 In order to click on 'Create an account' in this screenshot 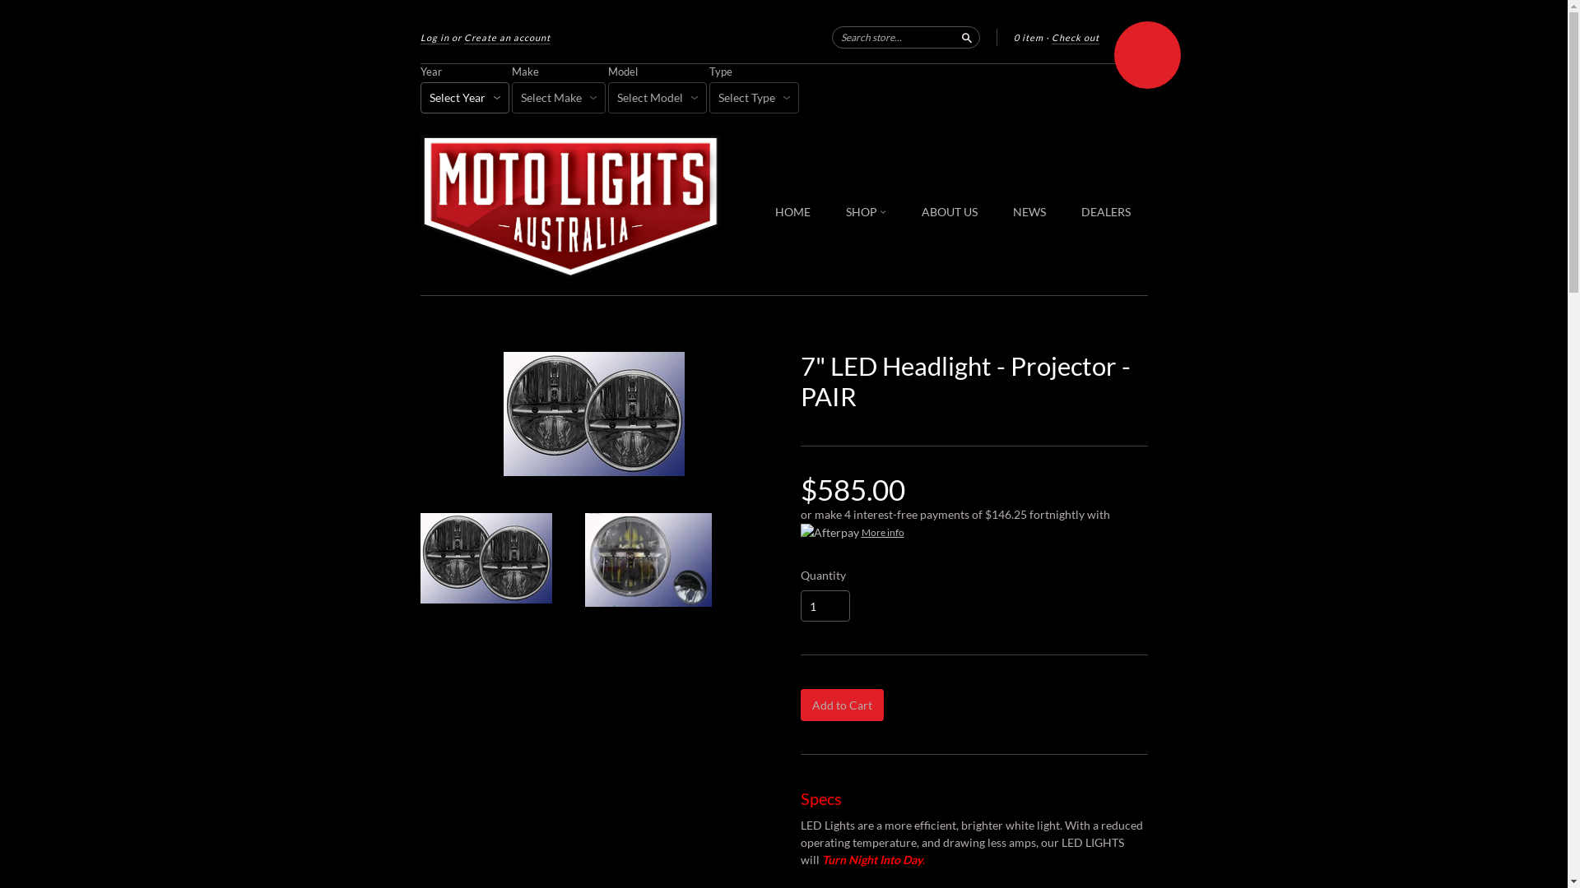, I will do `click(506, 37)`.